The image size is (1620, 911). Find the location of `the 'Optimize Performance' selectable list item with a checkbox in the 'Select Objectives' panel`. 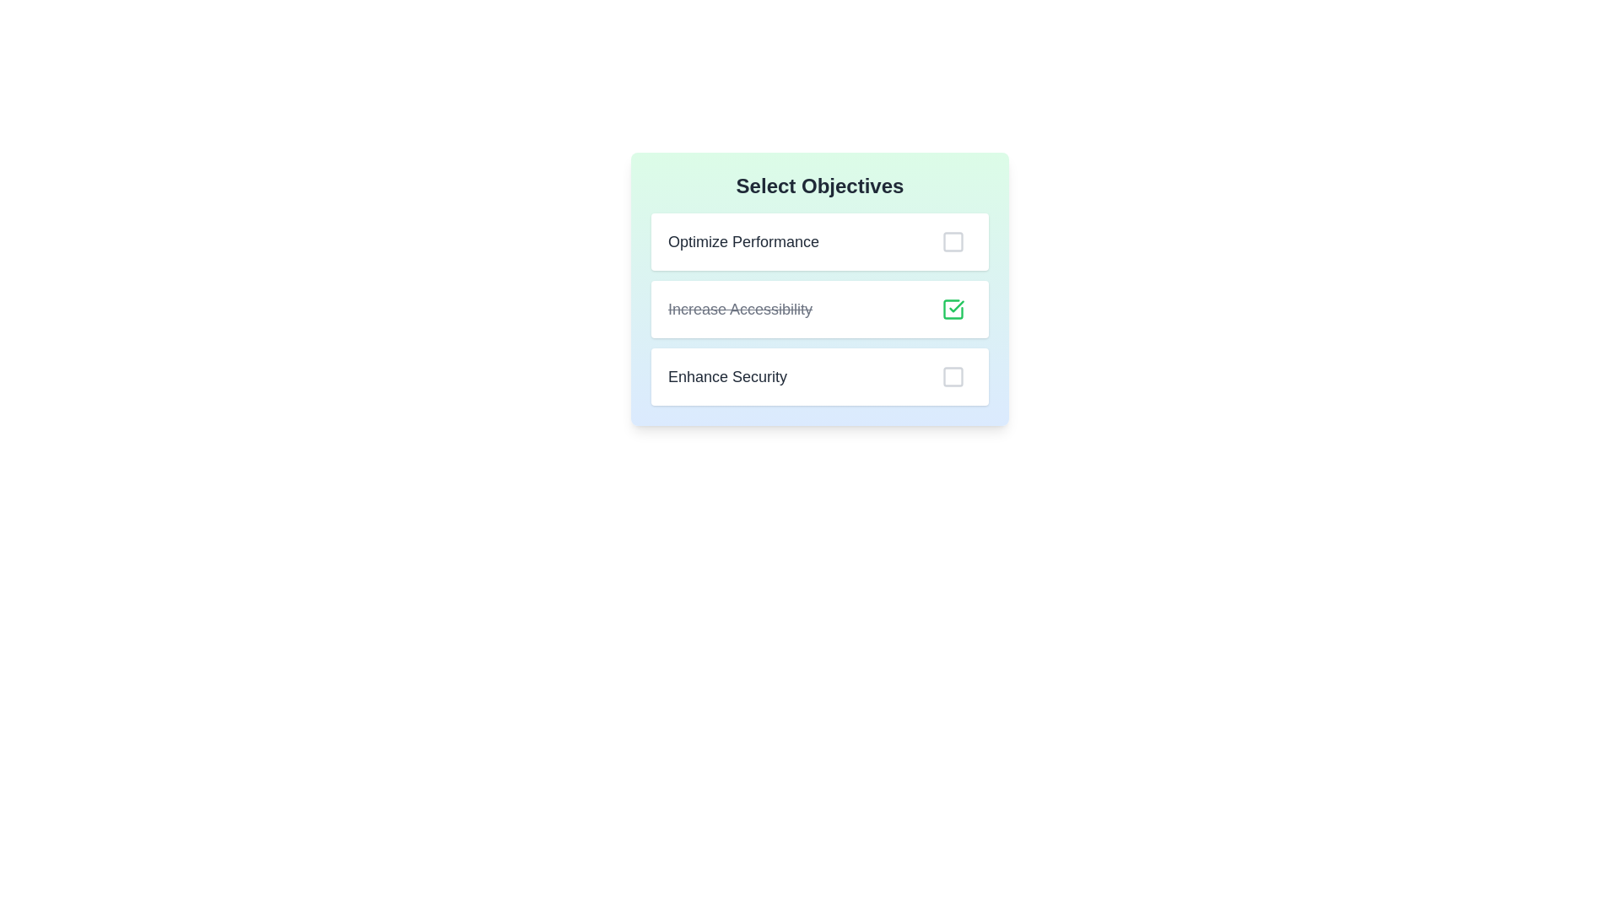

the 'Optimize Performance' selectable list item with a checkbox in the 'Select Objectives' panel is located at coordinates (819, 241).